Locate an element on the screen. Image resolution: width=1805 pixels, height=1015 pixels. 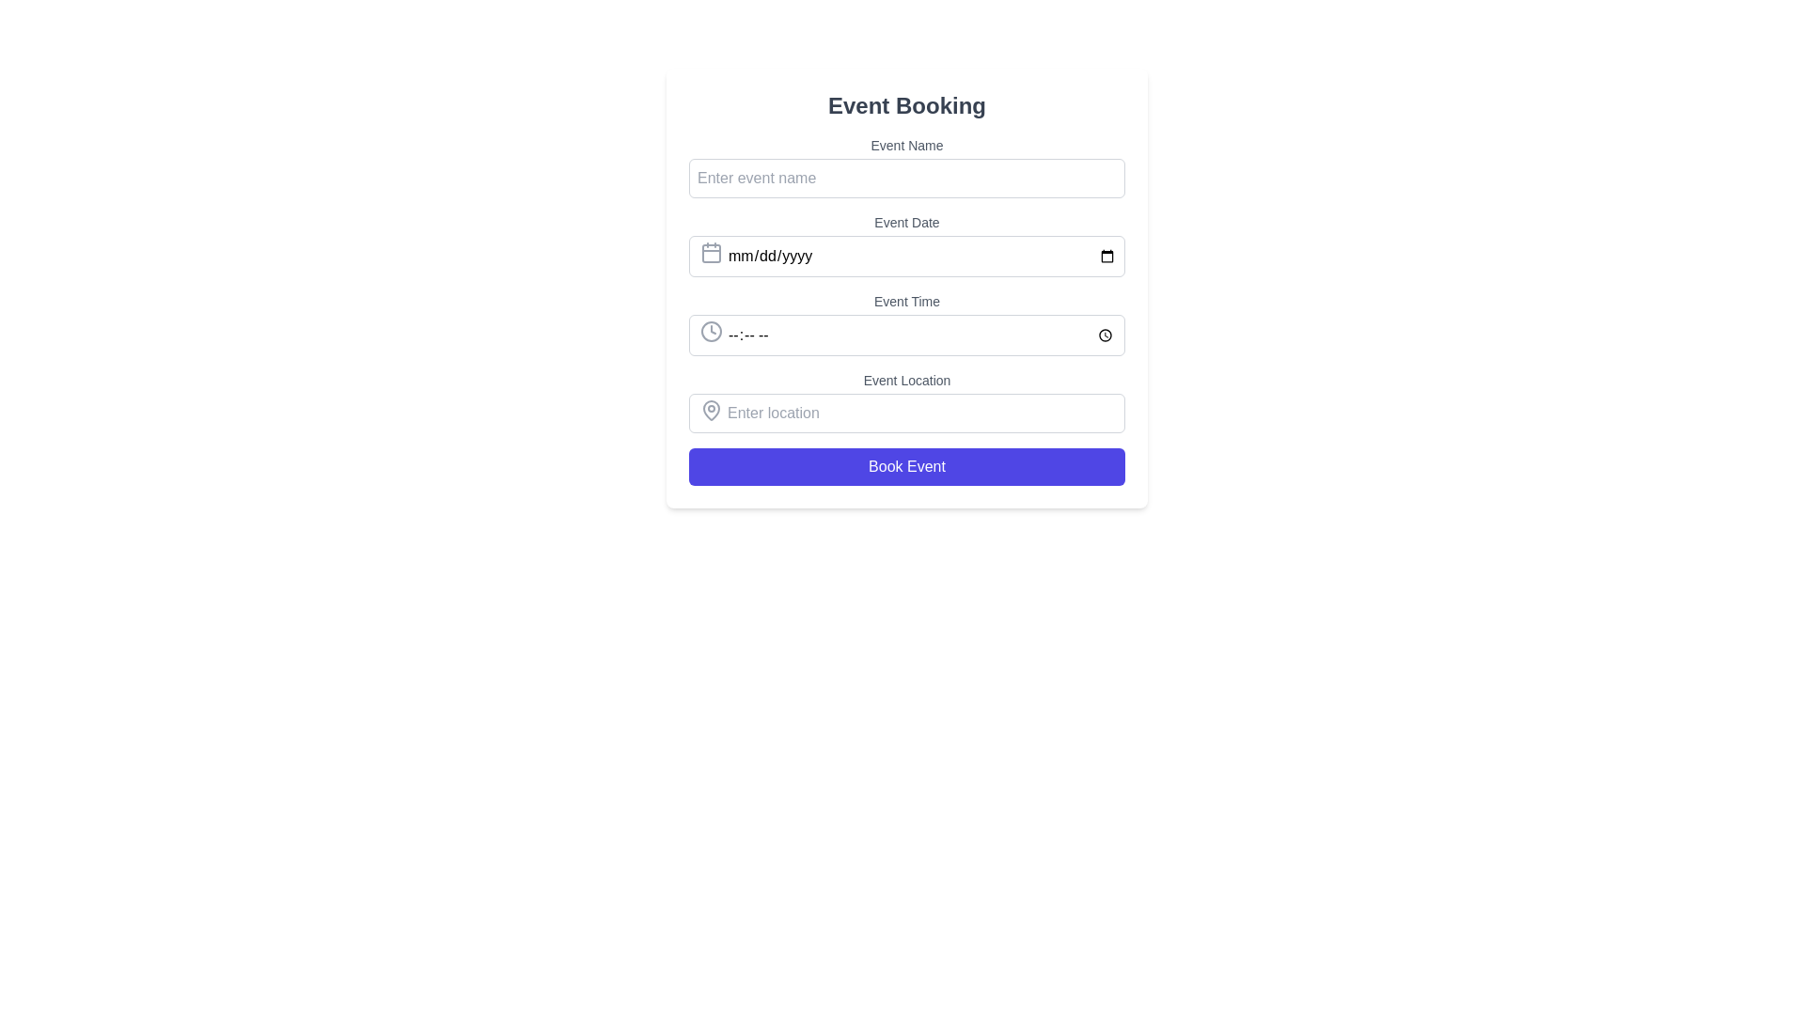
the gray calendar icon located inside the 'Event Date' input field, positioned to the far left of the text box near the placeholder text 'mm/dd/yyyy' is located at coordinates (711, 252).